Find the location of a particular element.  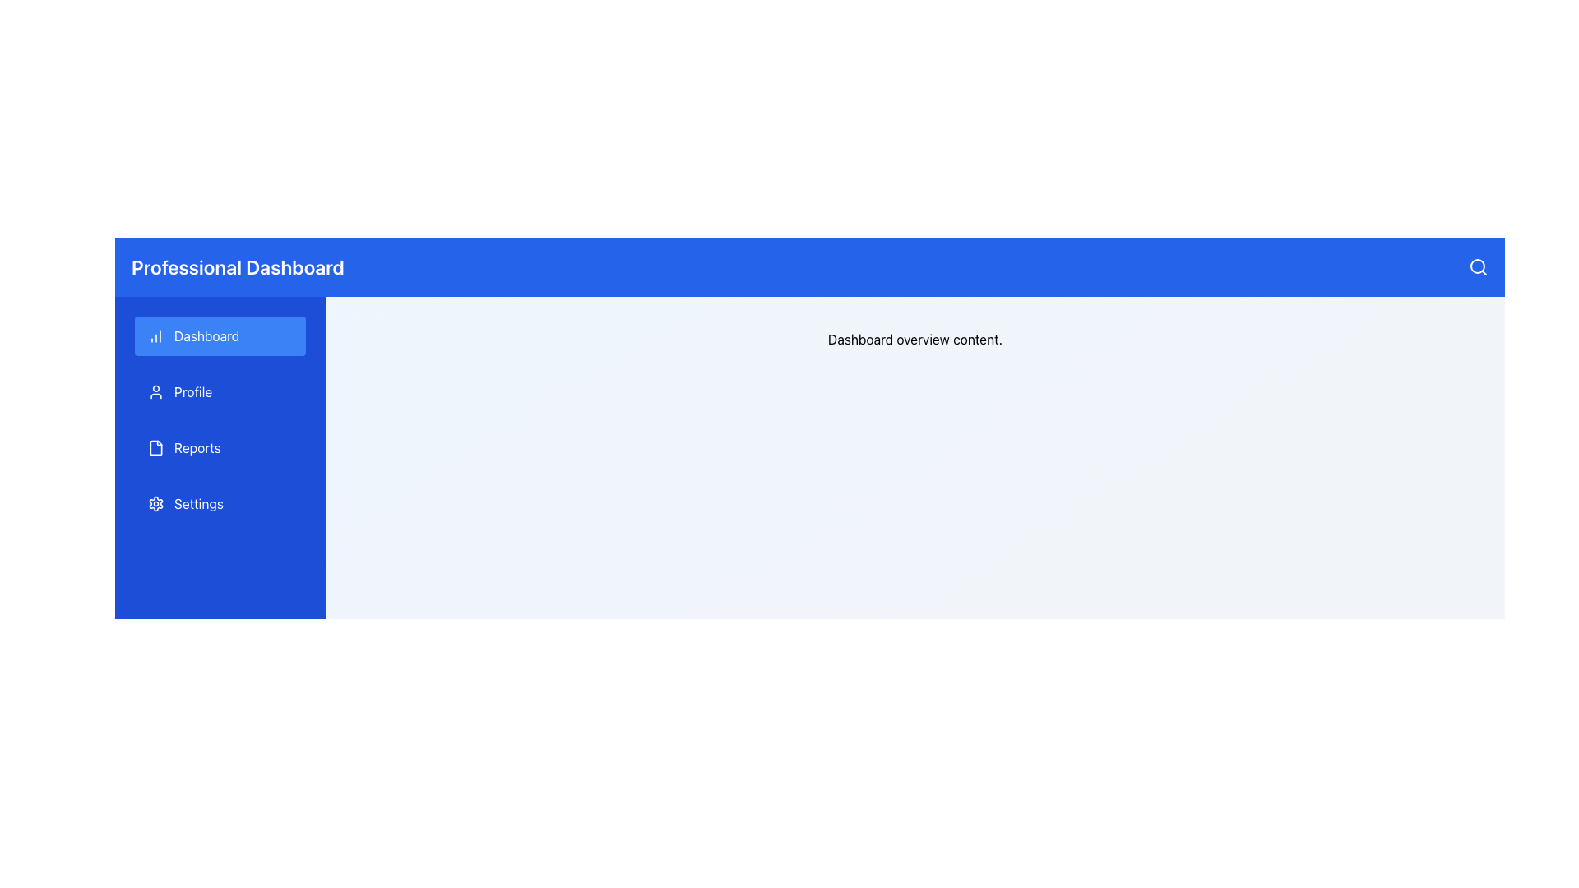

text from the Text Label element displaying 'Dashboard overview content.' which is located near the top of the main content area, horizontally centered below the blue navigation bar is located at coordinates (915, 338).